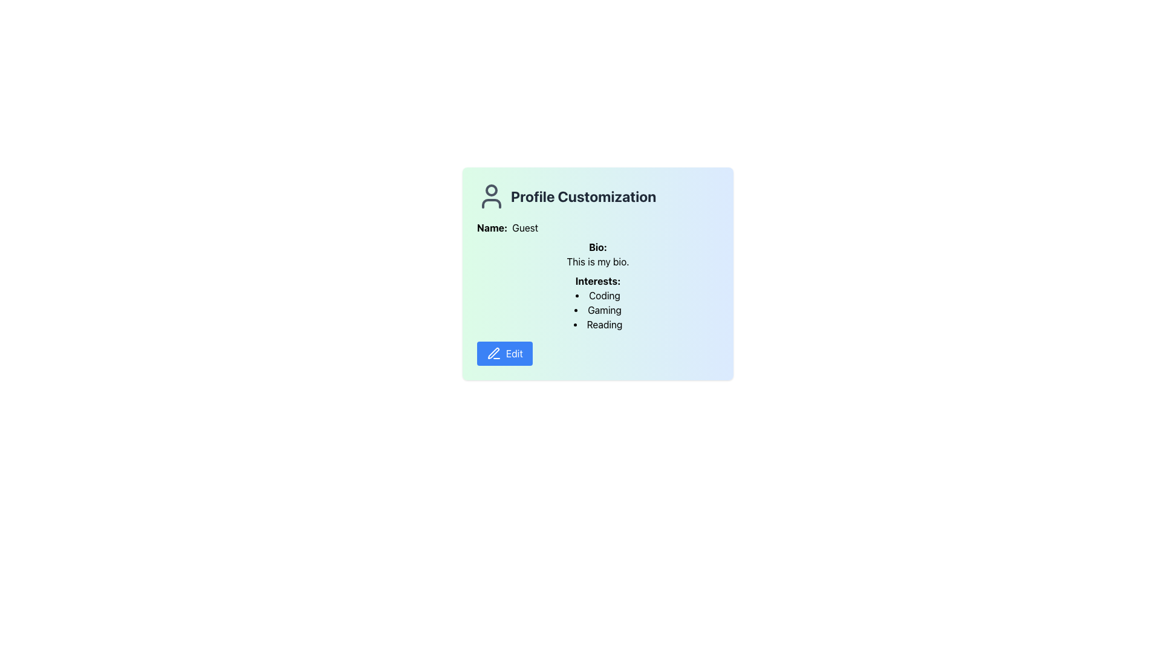 This screenshot has width=1161, height=653. Describe the element at coordinates (597, 302) in the screenshot. I see `the 'Interests:' section with the bulleted list that includes 'Coding', 'Gaming', and 'Reading', which is centrally located beneath the 'Bio' section` at that location.